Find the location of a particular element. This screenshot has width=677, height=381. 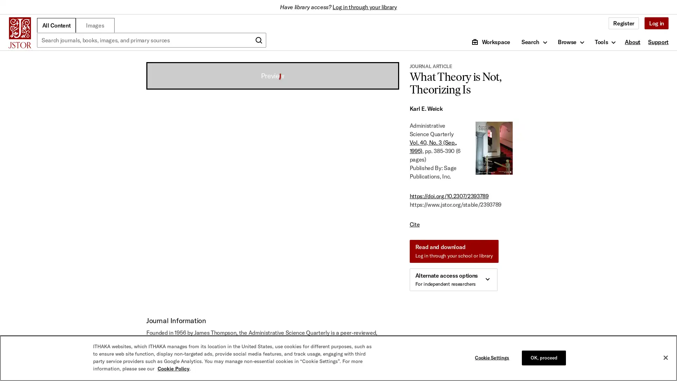

Close is located at coordinates (665, 358).